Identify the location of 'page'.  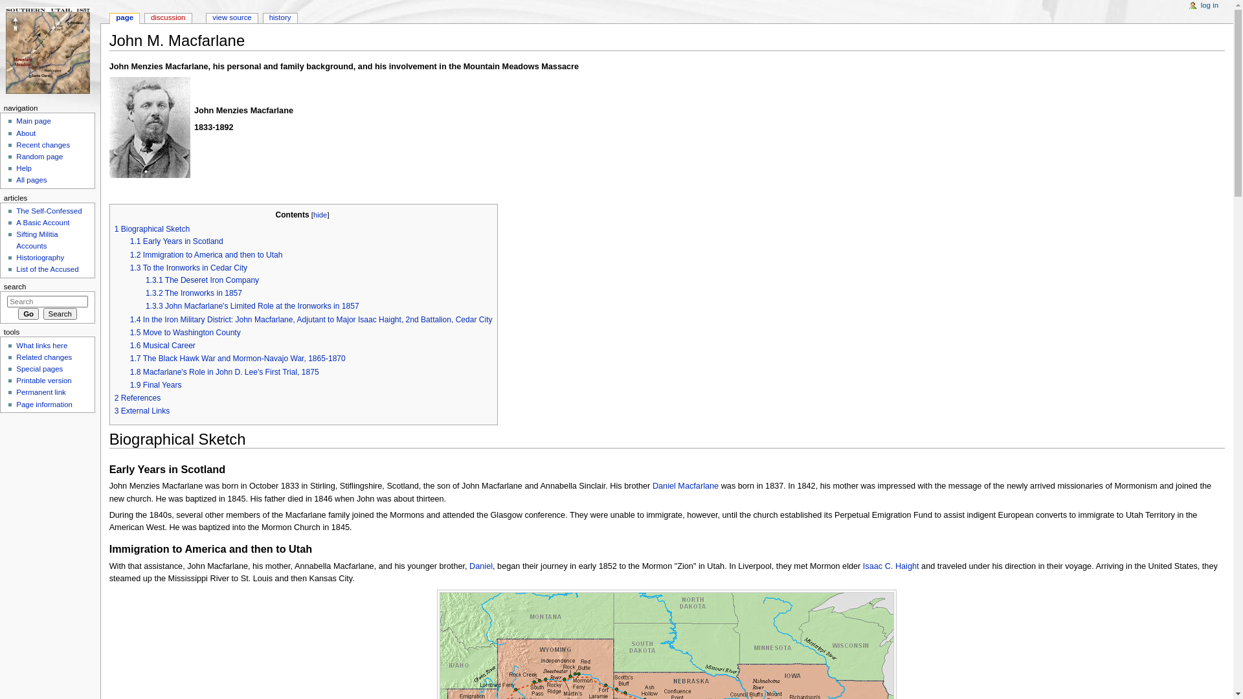
(124, 18).